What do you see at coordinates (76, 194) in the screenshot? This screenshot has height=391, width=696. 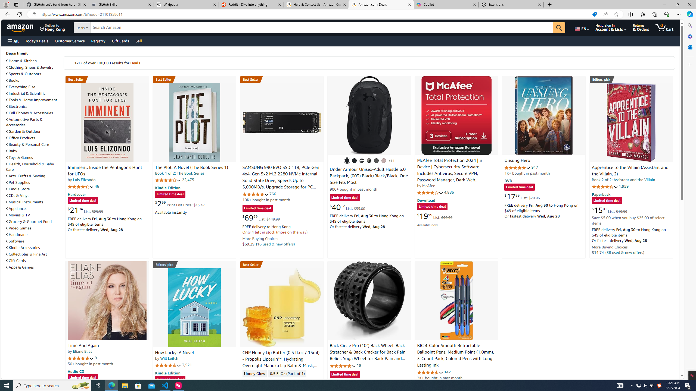 I see `'Hardcover'` at bounding box center [76, 194].